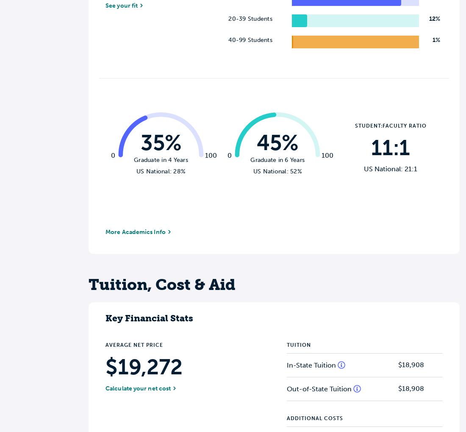 The image size is (466, 432). What do you see at coordinates (133, 159) in the screenshot?
I see `'Graduate in 4 Years'` at bounding box center [133, 159].